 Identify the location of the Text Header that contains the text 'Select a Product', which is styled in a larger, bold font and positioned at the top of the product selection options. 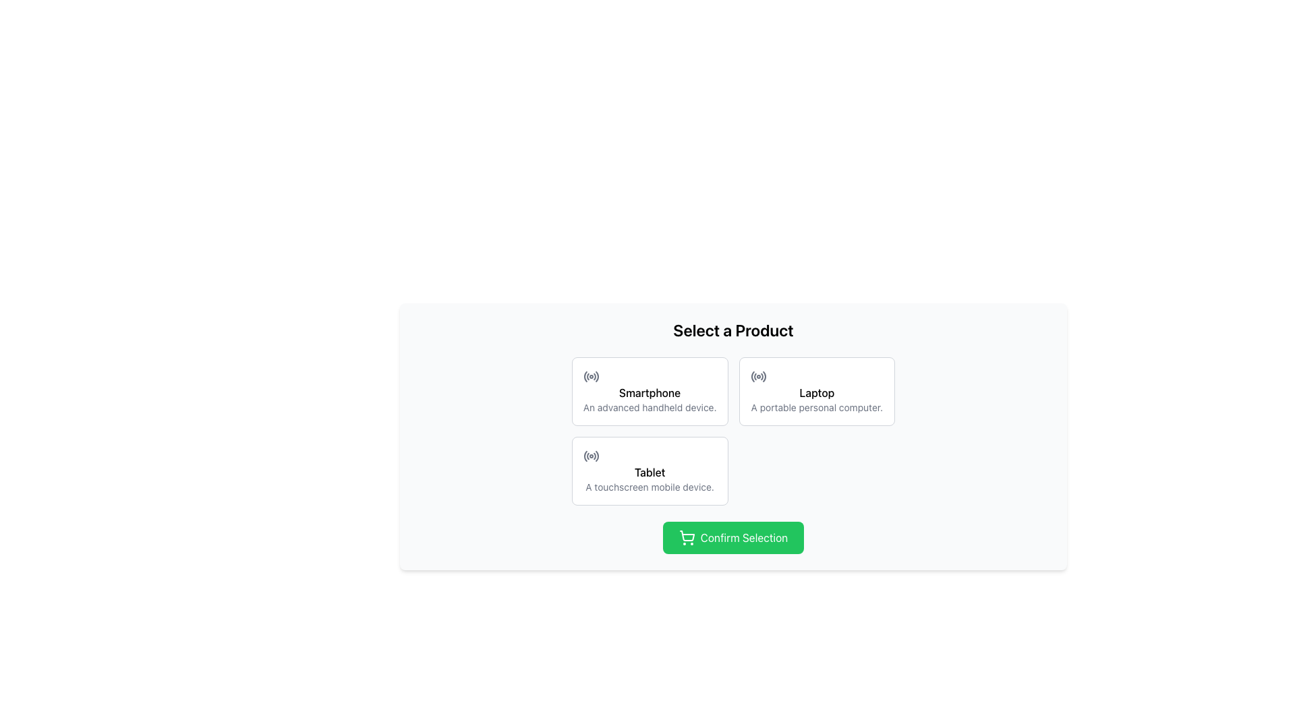
(732, 330).